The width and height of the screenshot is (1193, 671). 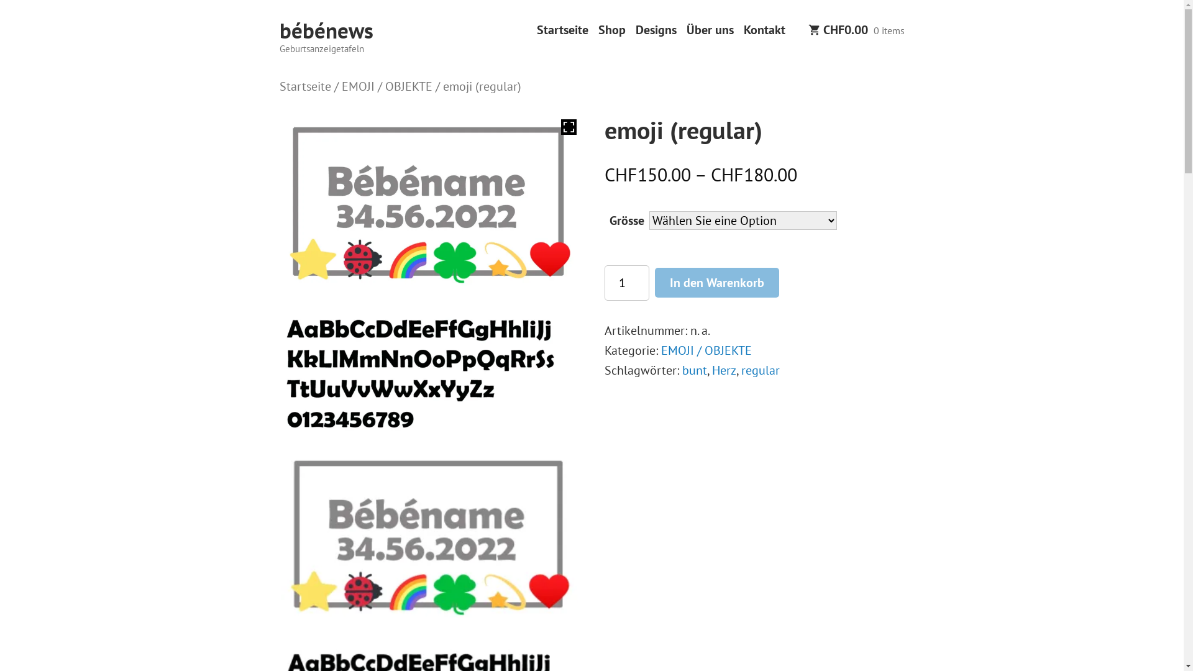 What do you see at coordinates (611, 29) in the screenshot?
I see `'Shop'` at bounding box center [611, 29].